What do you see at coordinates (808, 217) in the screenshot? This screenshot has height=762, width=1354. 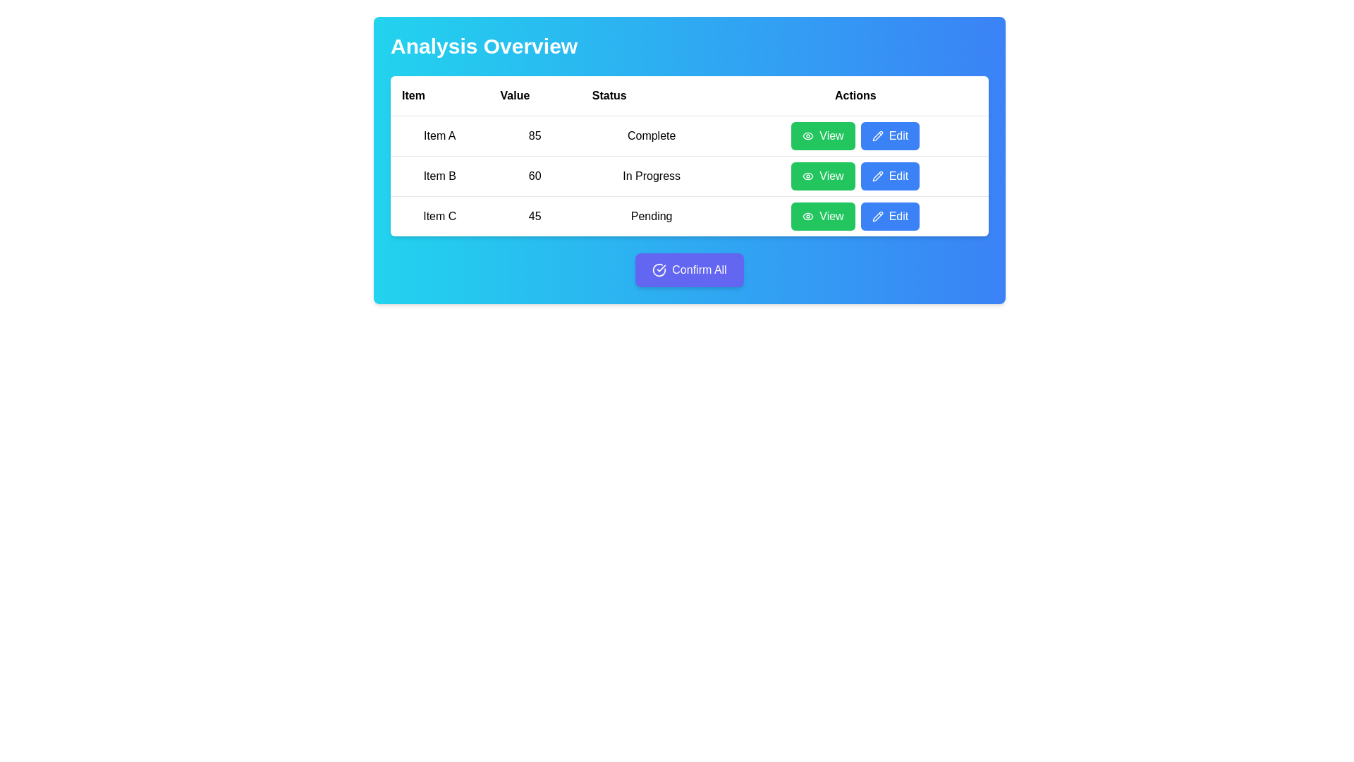 I see `the visibility icon in the 'View' button of the 'Actions' column in the third row of the table within the 'Analysis Overview' card` at bounding box center [808, 217].